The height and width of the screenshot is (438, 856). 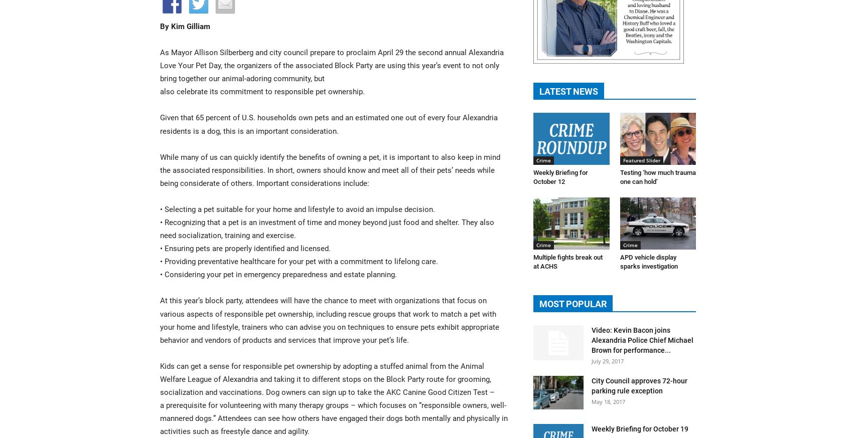 What do you see at coordinates (329, 319) in the screenshot?
I see `'At this year’s block party, attendees will have the chance to meet with organizations that focus on various aspects of responsible pet ownership, including rescue groups that work to match a pet with your home and lifestyle, trainers who can advise you on techniques to ensure pets exhibit appropriate behavior and vendors of products and services that improve your pet’s life.'` at bounding box center [329, 319].